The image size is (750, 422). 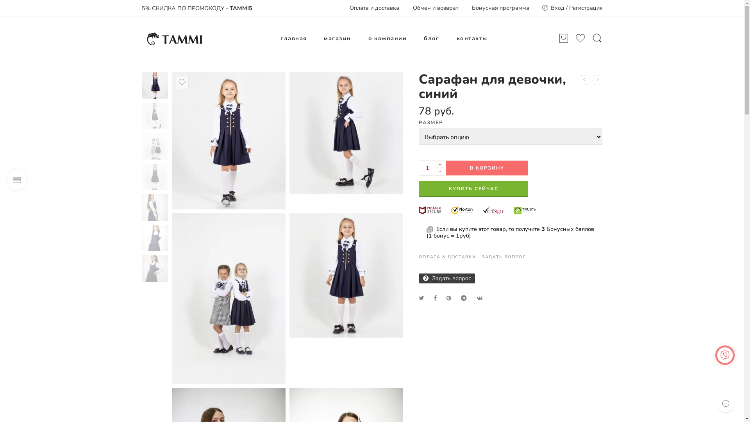 What do you see at coordinates (464, 298) in the screenshot?
I see `'Share on Telegram'` at bounding box center [464, 298].